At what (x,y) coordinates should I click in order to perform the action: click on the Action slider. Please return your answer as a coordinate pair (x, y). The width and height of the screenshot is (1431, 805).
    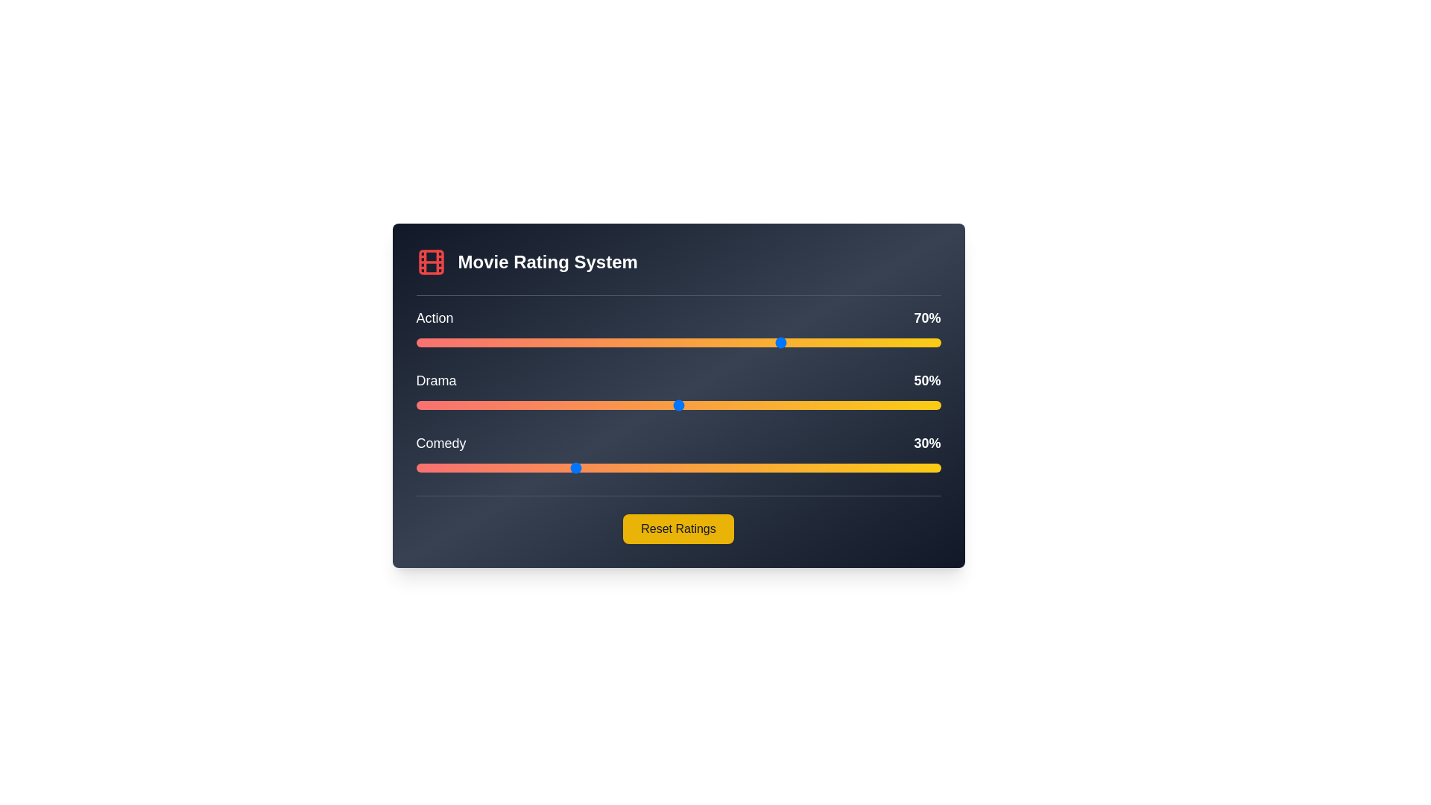
    Looking at the image, I should click on (677, 342).